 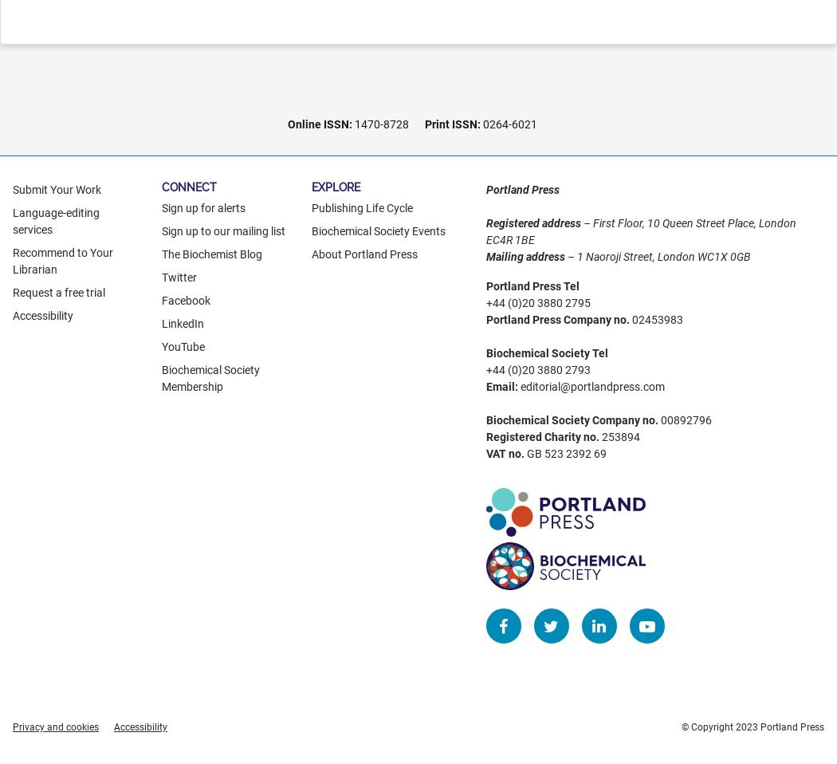 I want to click on '+44 (0)20 3880 2795', so click(x=536, y=302).